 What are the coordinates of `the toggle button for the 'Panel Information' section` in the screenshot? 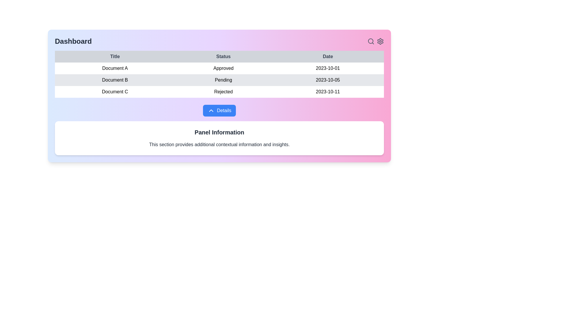 It's located at (219, 111).